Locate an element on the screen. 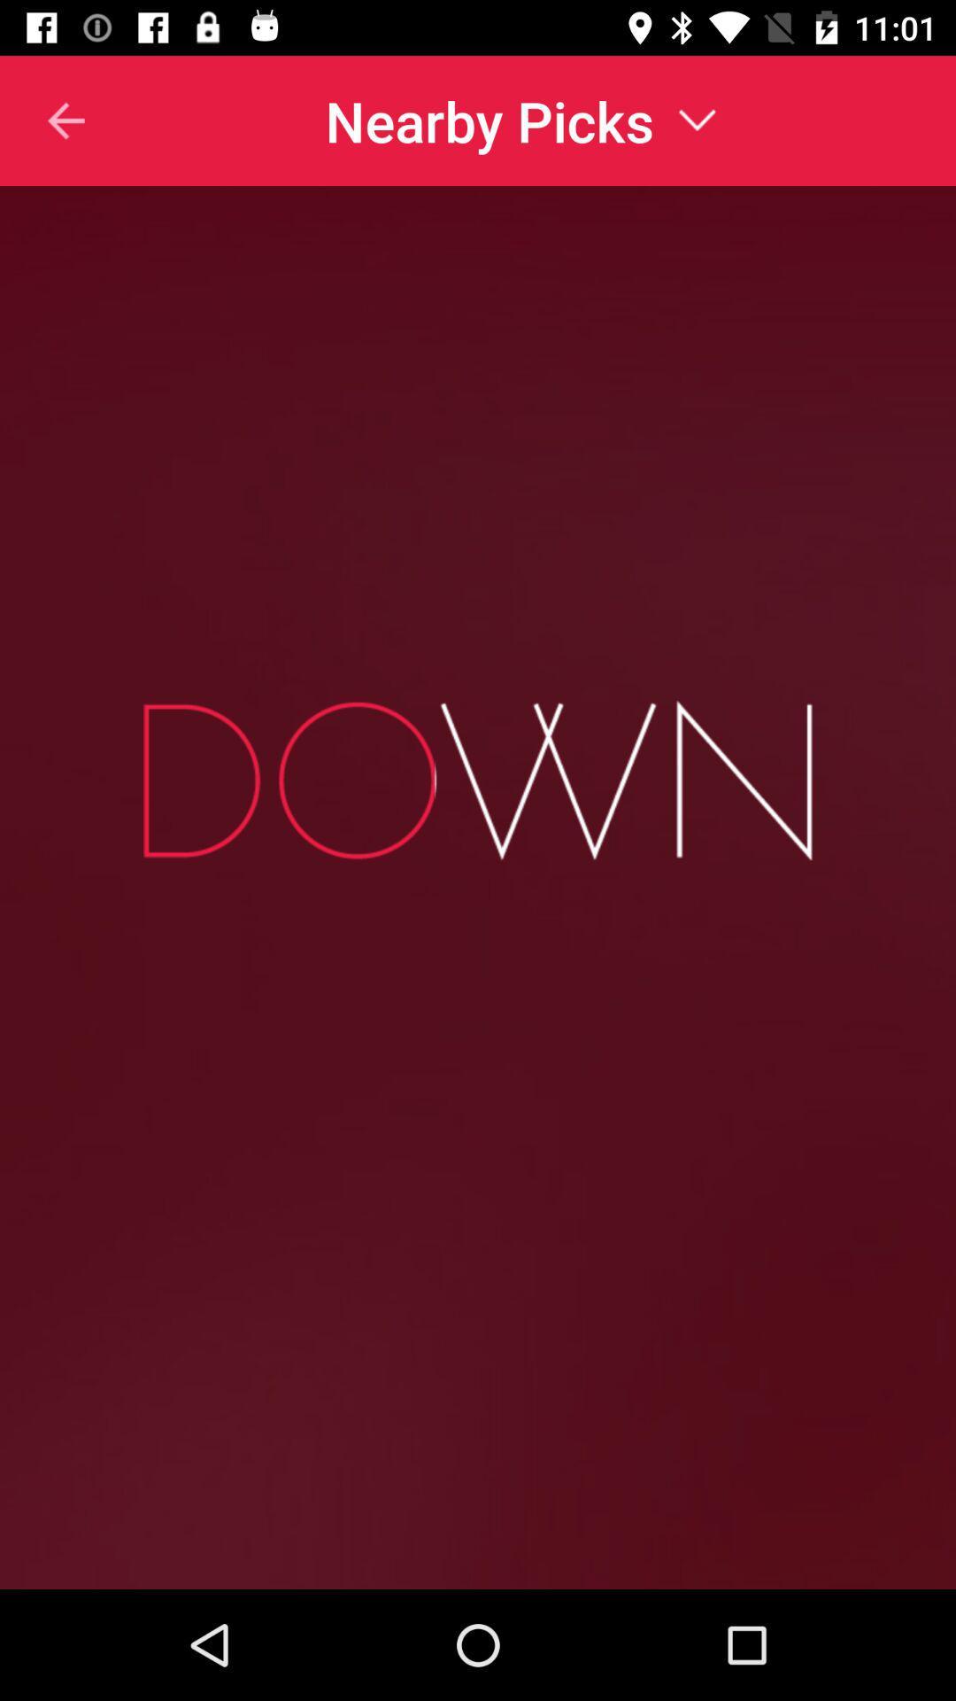  nearby picks item is located at coordinates (520, 120).